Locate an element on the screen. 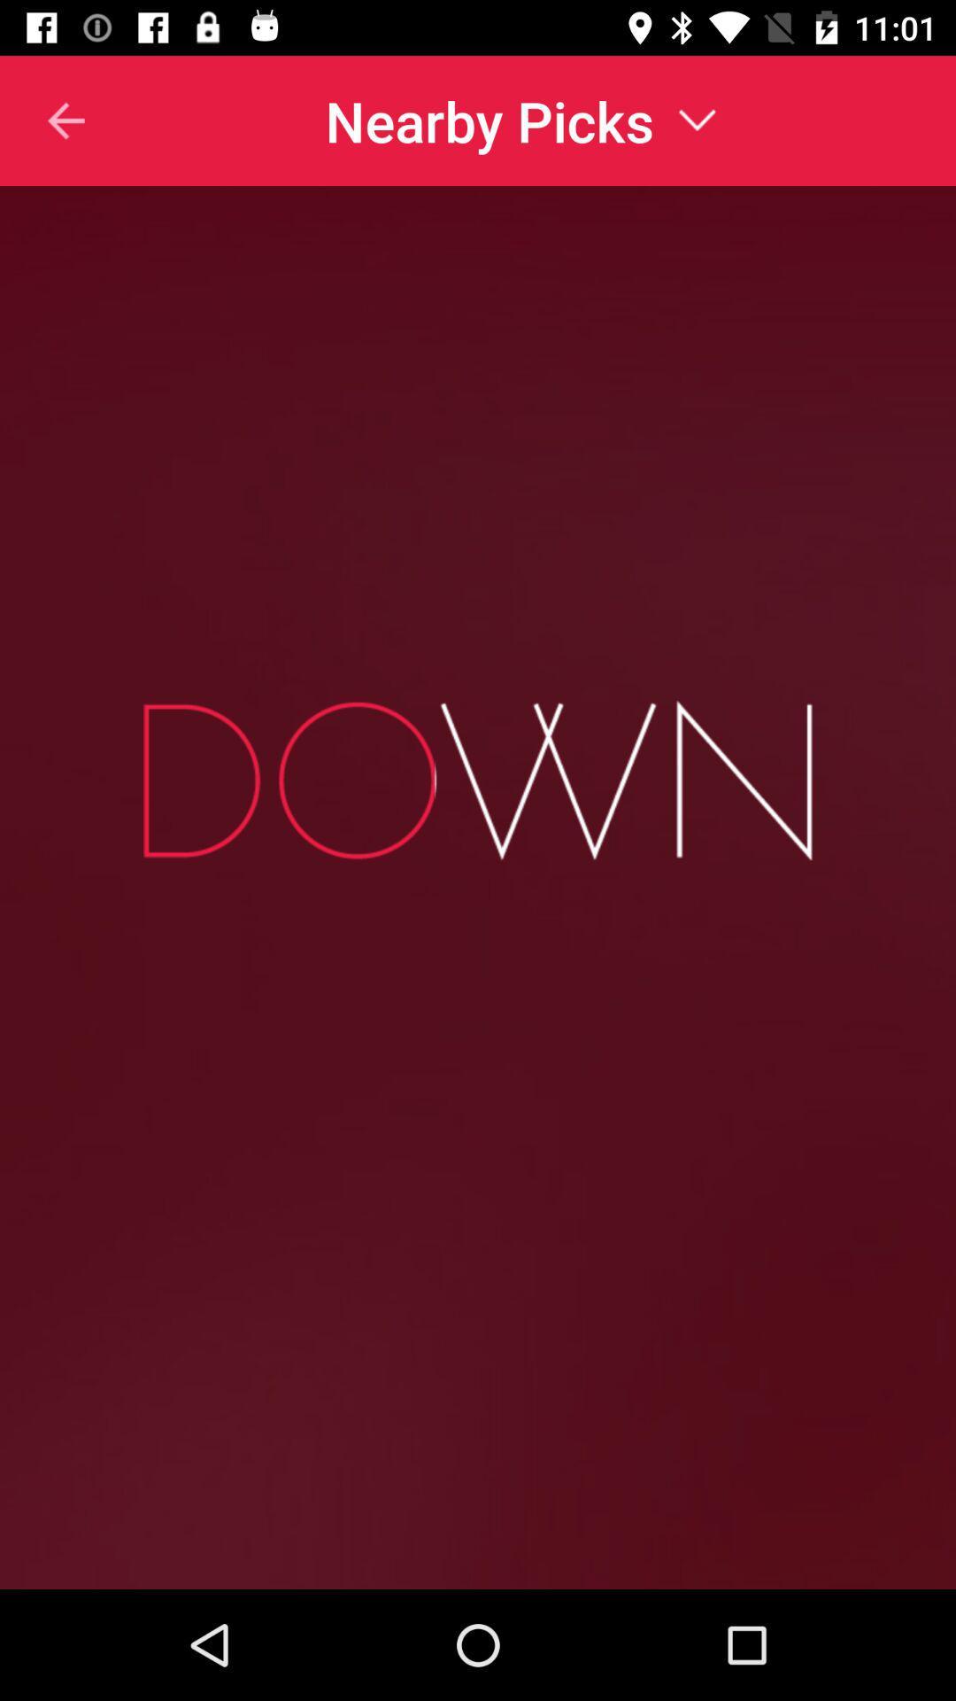  nearby picks item is located at coordinates (520, 120).